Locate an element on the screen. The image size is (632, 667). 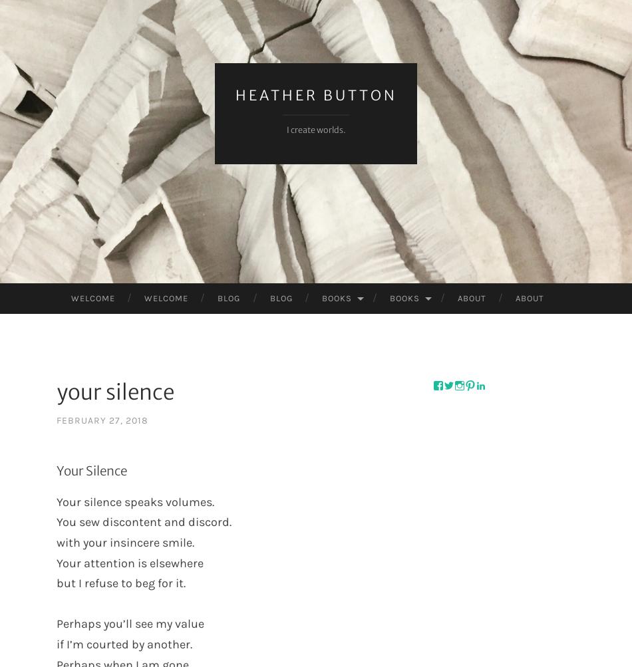
'Your silence speaks volumes.' is located at coordinates (135, 500).